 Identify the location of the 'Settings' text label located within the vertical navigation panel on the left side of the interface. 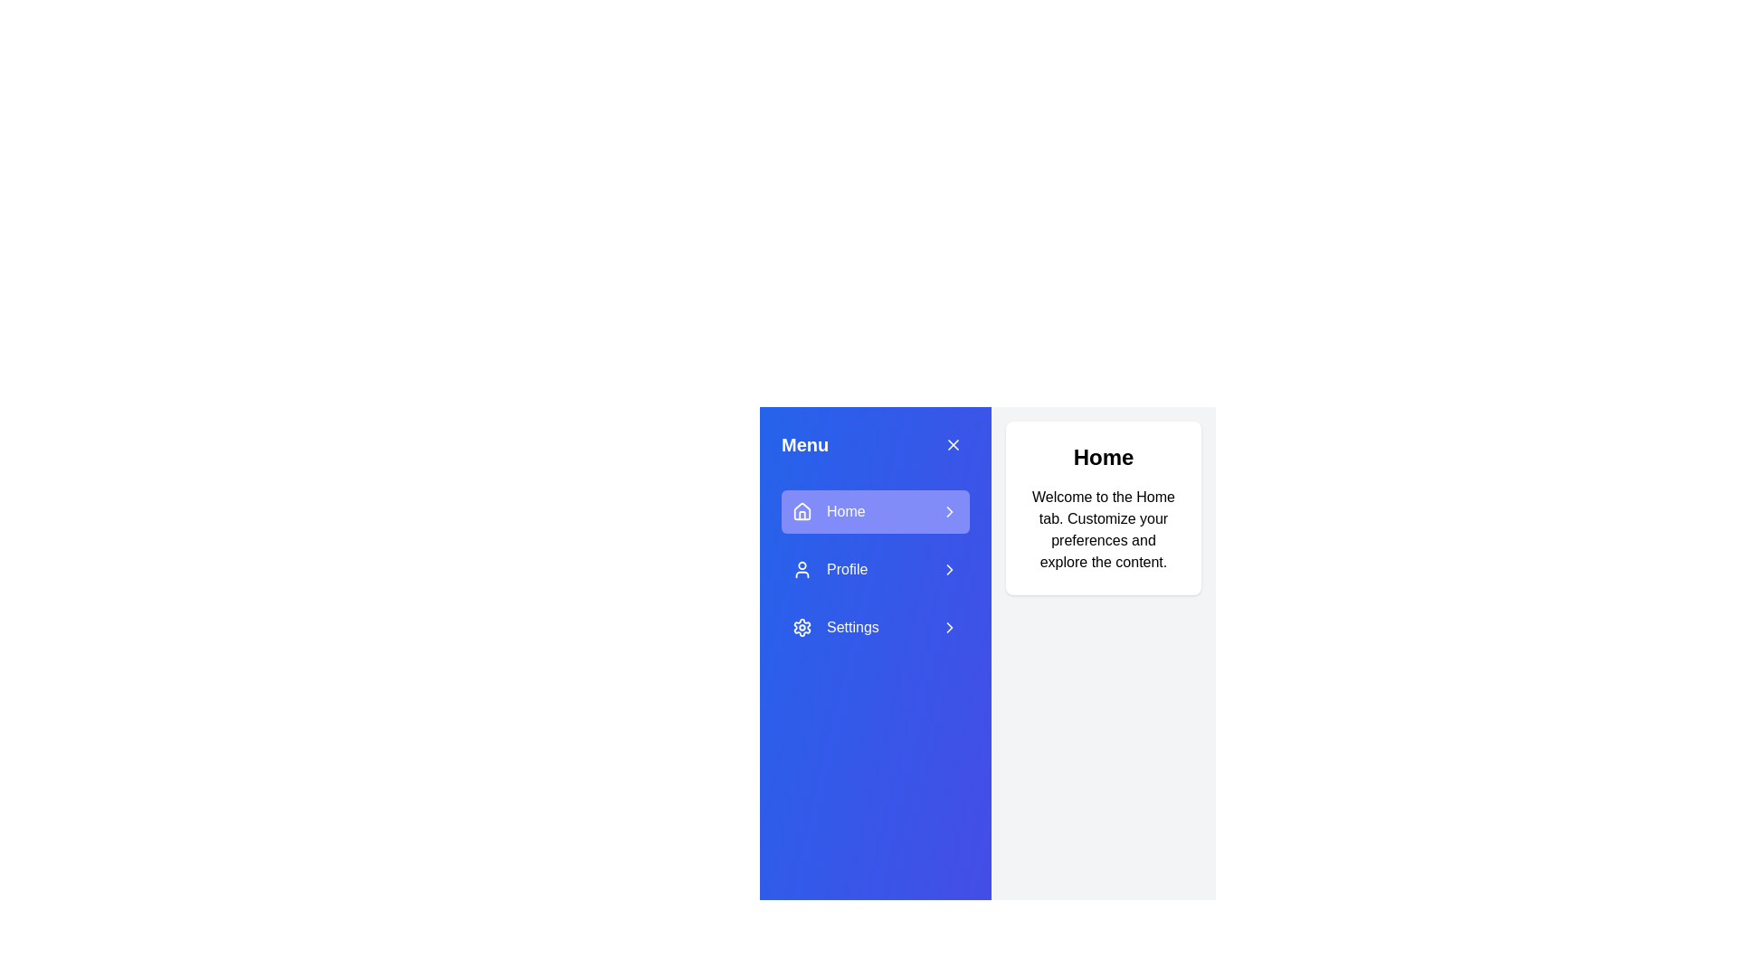
(851, 627).